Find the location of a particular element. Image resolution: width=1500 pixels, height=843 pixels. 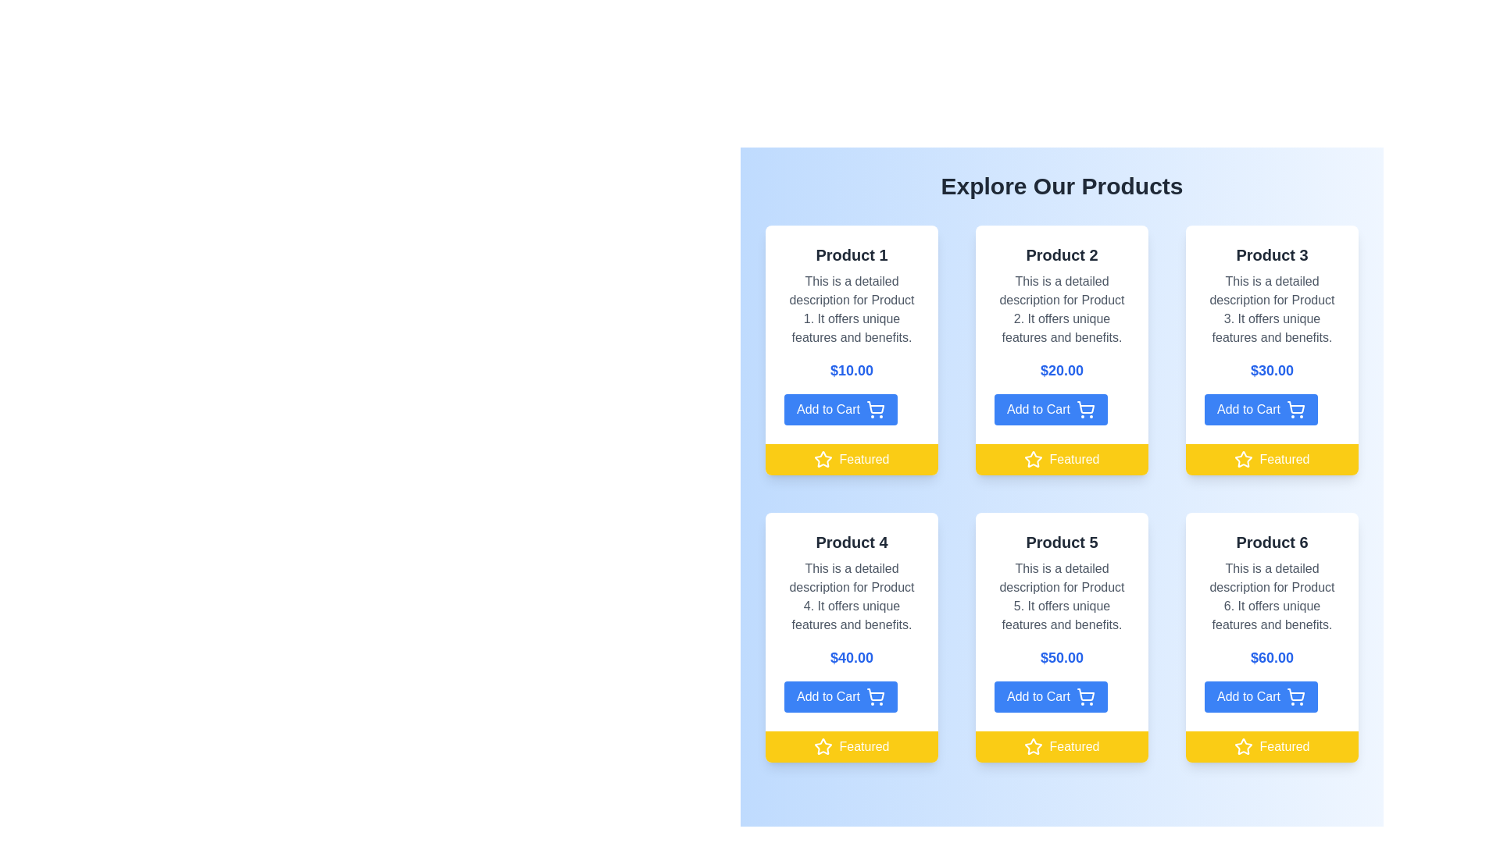

the 'Featured' label located at the bottom of the second product's card, which is positioned in the top center of the layout, following the 'Add to Cart' button is located at coordinates (1062, 459).